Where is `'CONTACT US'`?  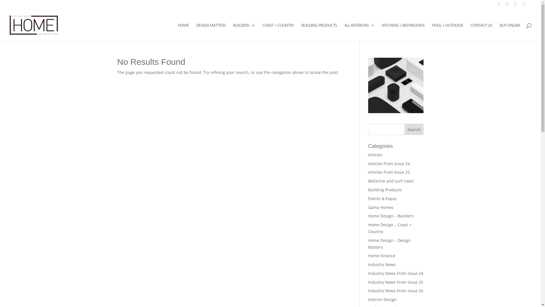 'CONTACT US' is located at coordinates (470, 32).